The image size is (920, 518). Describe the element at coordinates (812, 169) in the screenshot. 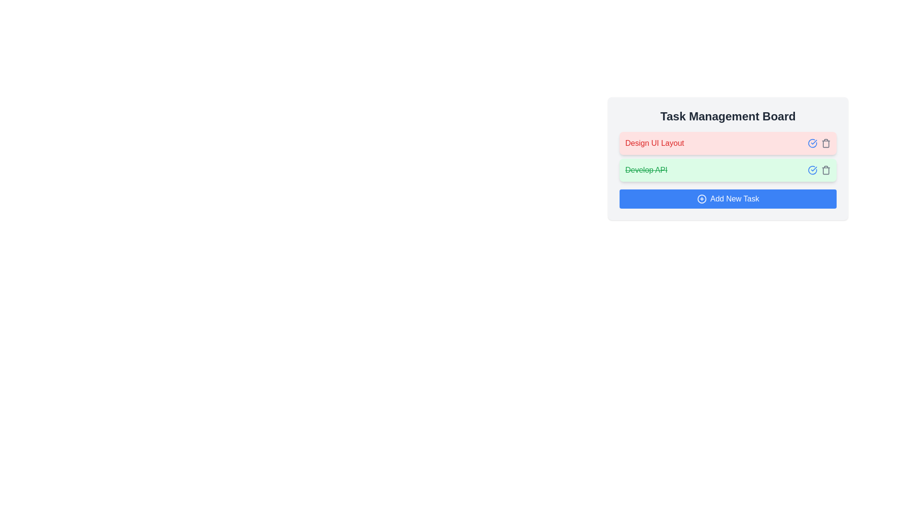

I see `the circular checkmark icon on the task management board representing task completion for 'Develop API'` at that location.